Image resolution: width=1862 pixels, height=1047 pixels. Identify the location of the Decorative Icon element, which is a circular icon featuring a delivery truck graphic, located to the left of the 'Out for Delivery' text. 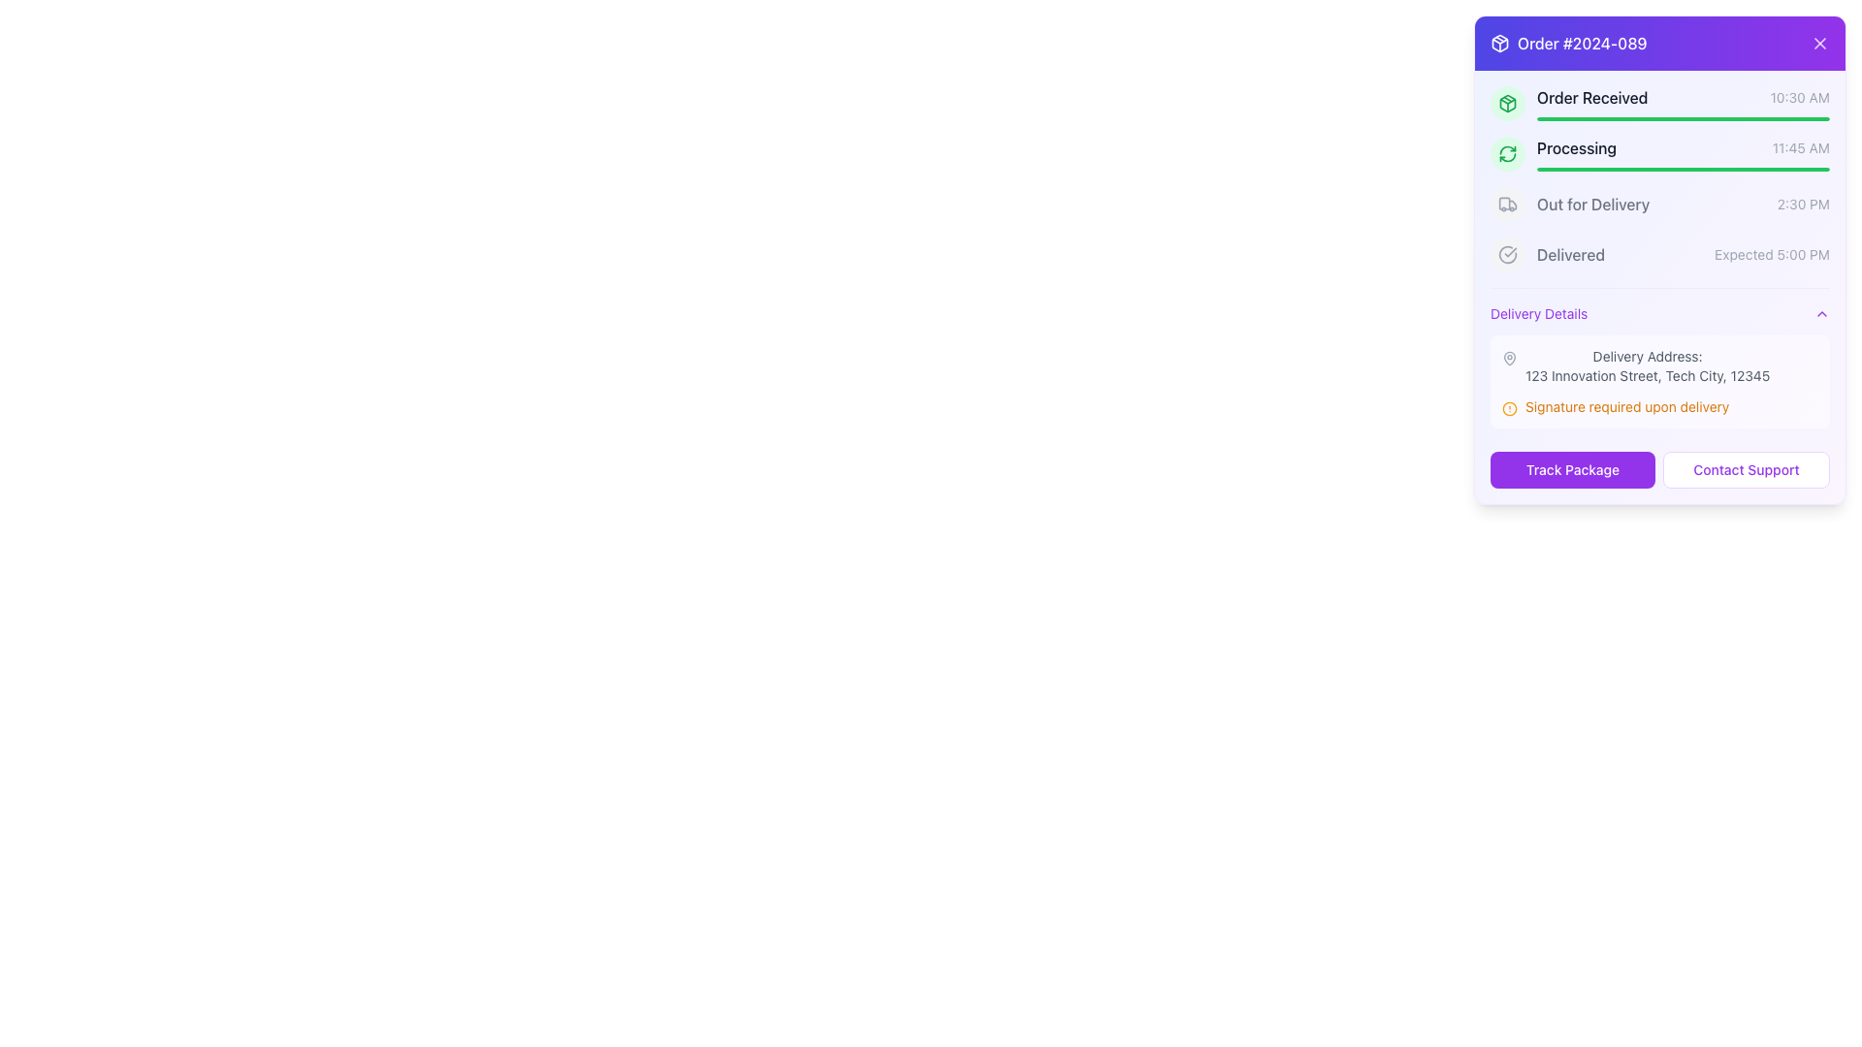
(1507, 205).